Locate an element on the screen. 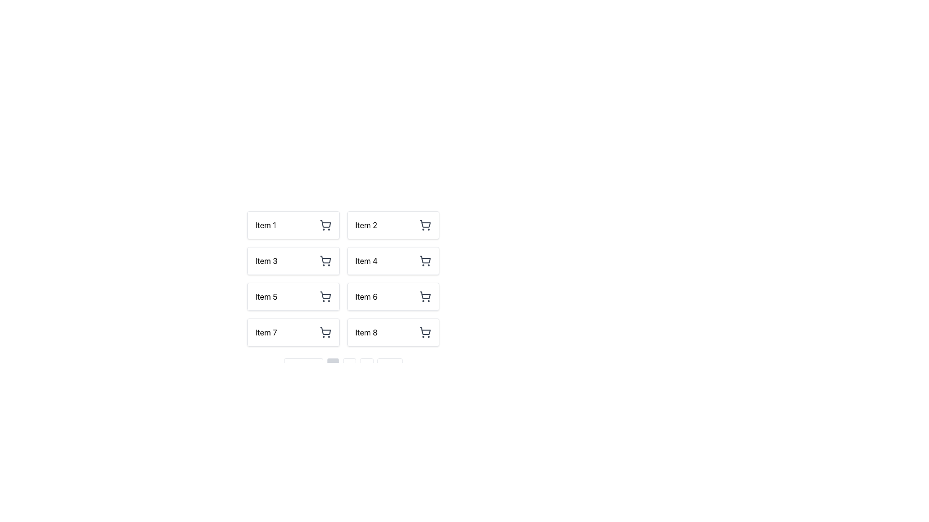  the navigation button for the first page in the pagination tool located in the second position of the button row is located at coordinates (333, 368).